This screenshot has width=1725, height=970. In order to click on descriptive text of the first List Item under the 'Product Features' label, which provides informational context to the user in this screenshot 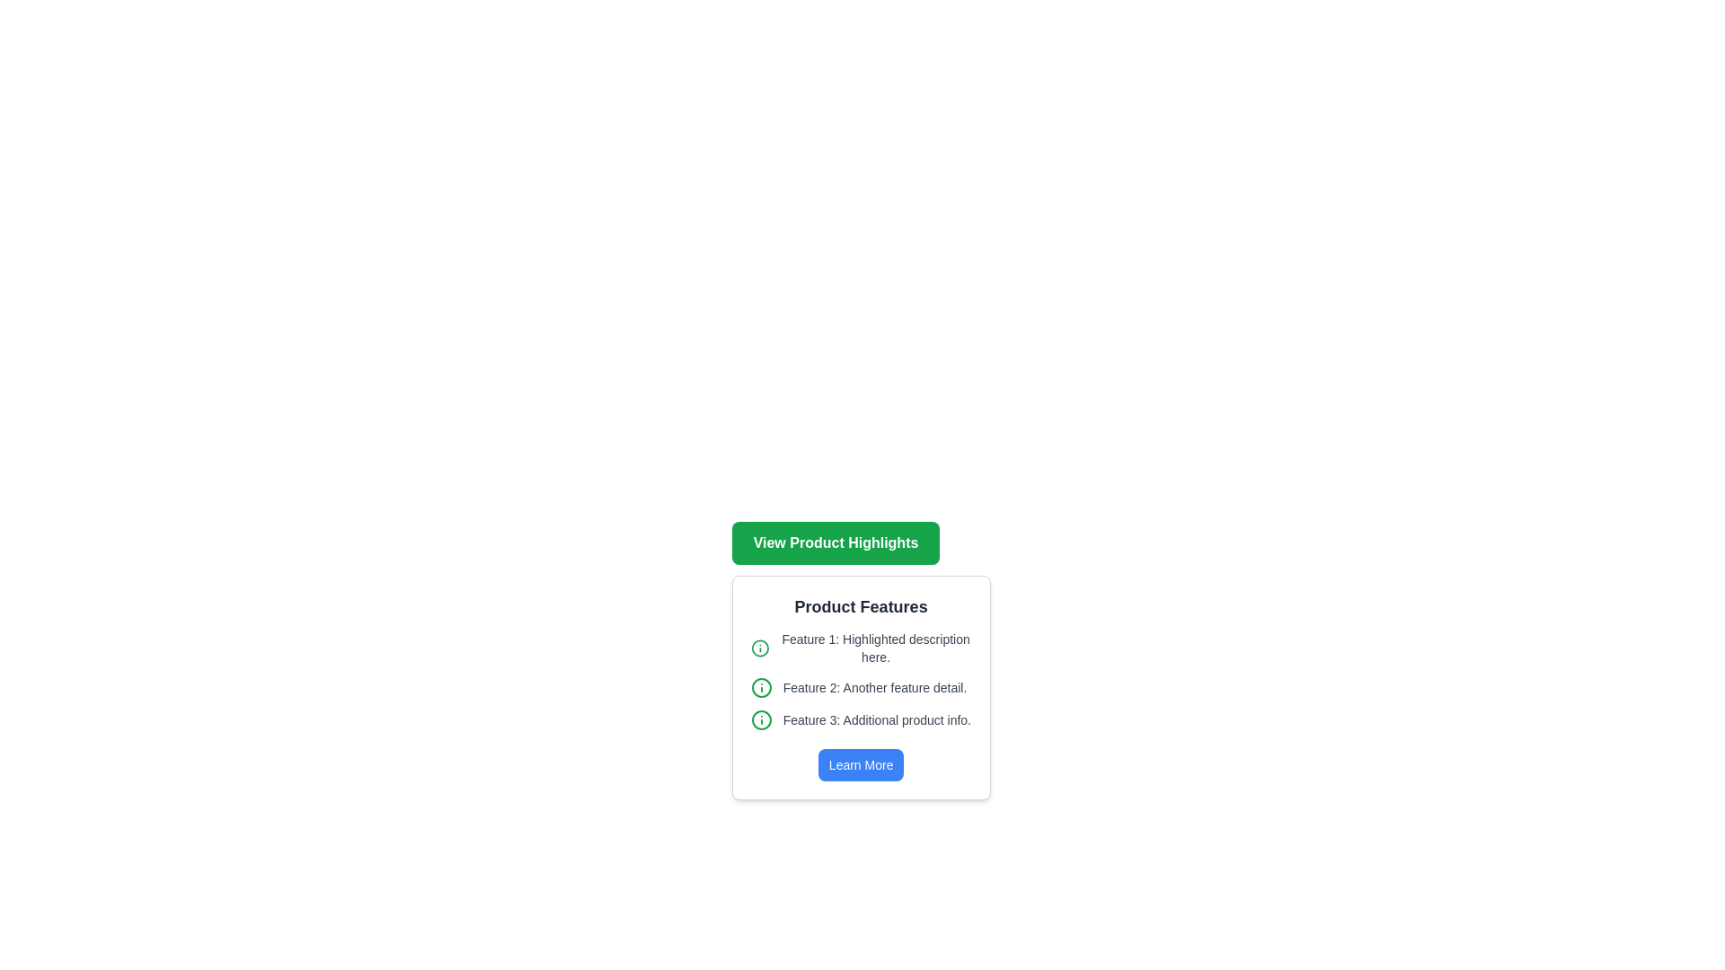, I will do `click(860, 648)`.